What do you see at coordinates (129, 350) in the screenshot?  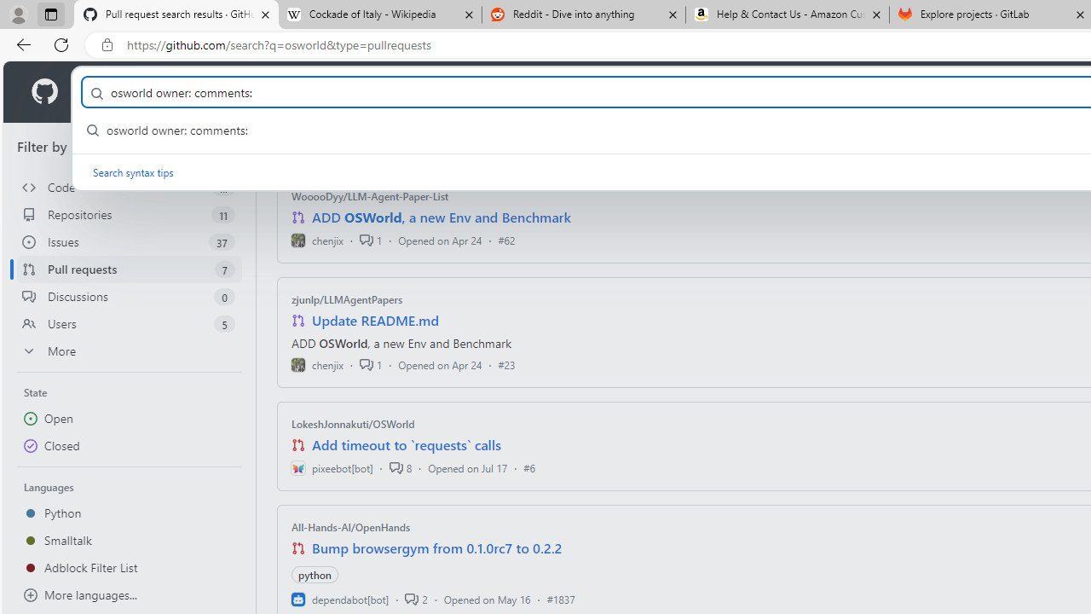 I see `'More'` at bounding box center [129, 350].